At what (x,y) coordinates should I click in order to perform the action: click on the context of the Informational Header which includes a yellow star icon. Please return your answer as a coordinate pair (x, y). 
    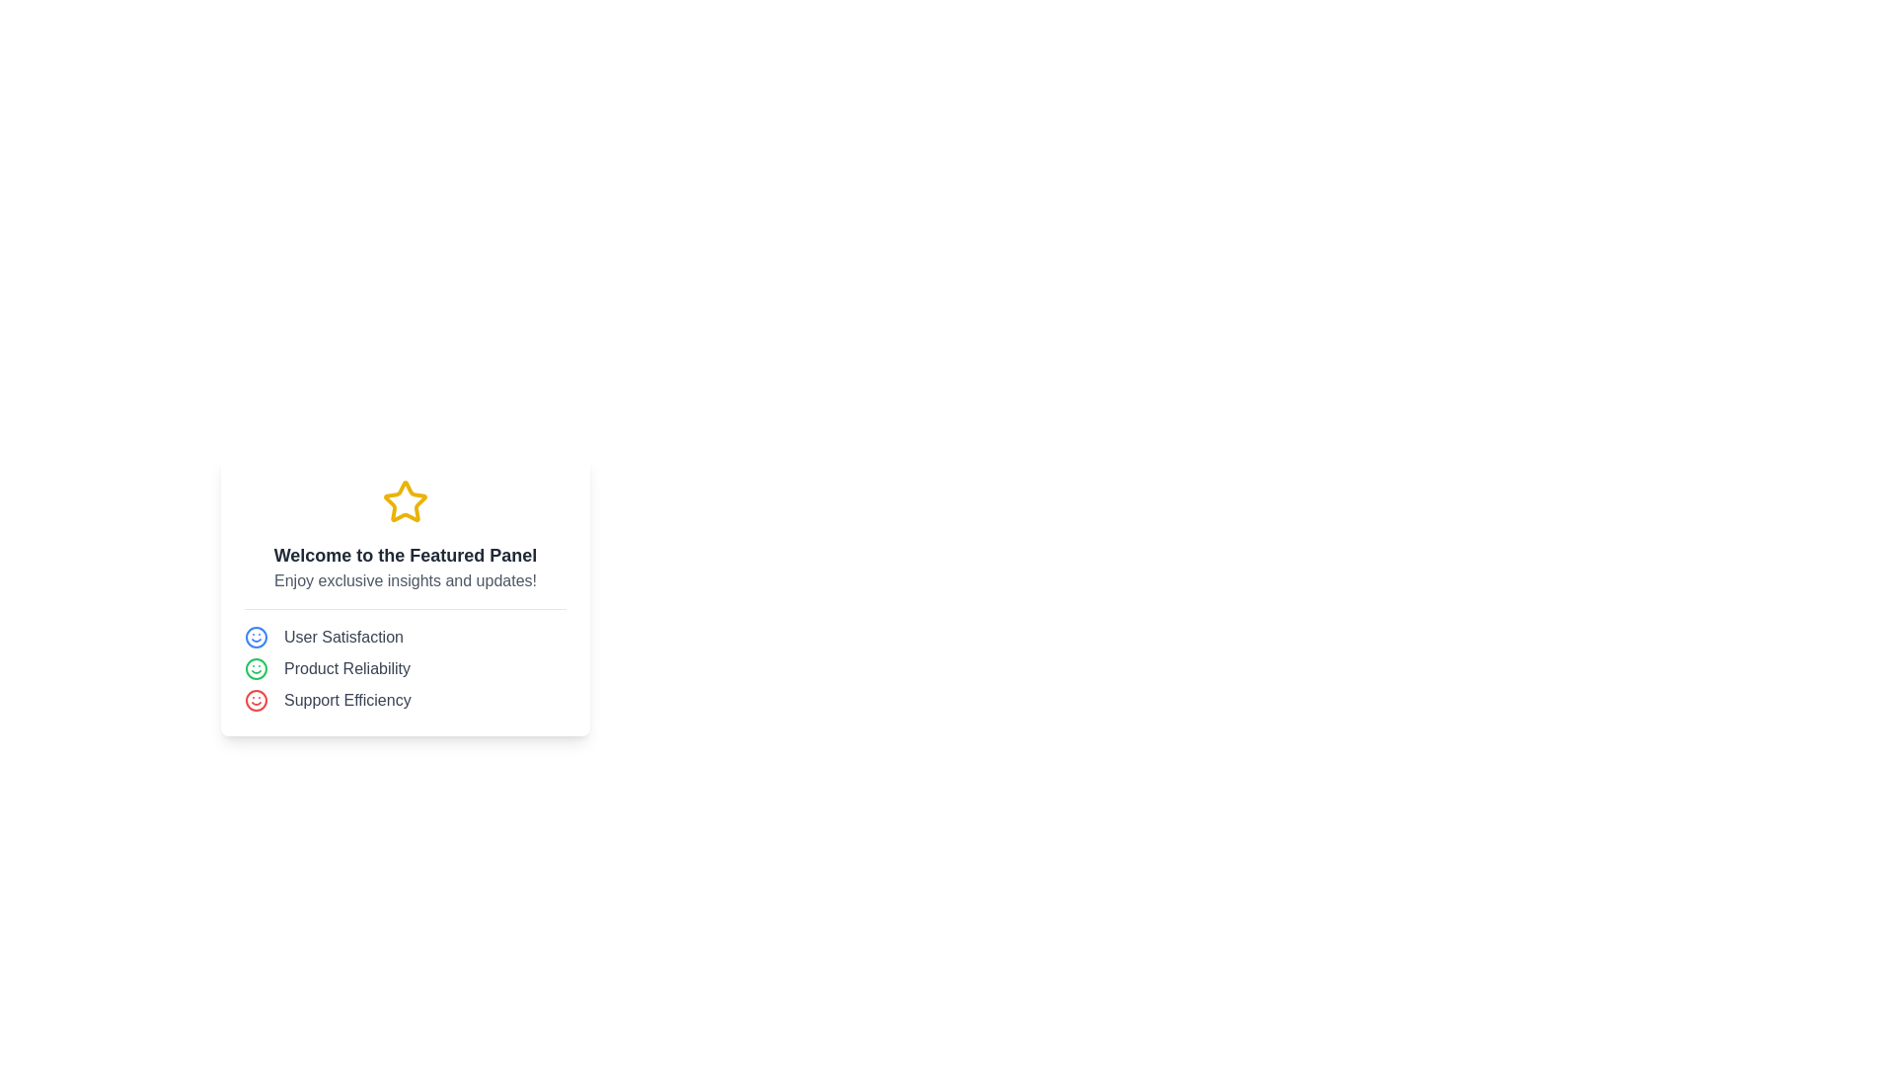
    Looking at the image, I should click on (405, 535).